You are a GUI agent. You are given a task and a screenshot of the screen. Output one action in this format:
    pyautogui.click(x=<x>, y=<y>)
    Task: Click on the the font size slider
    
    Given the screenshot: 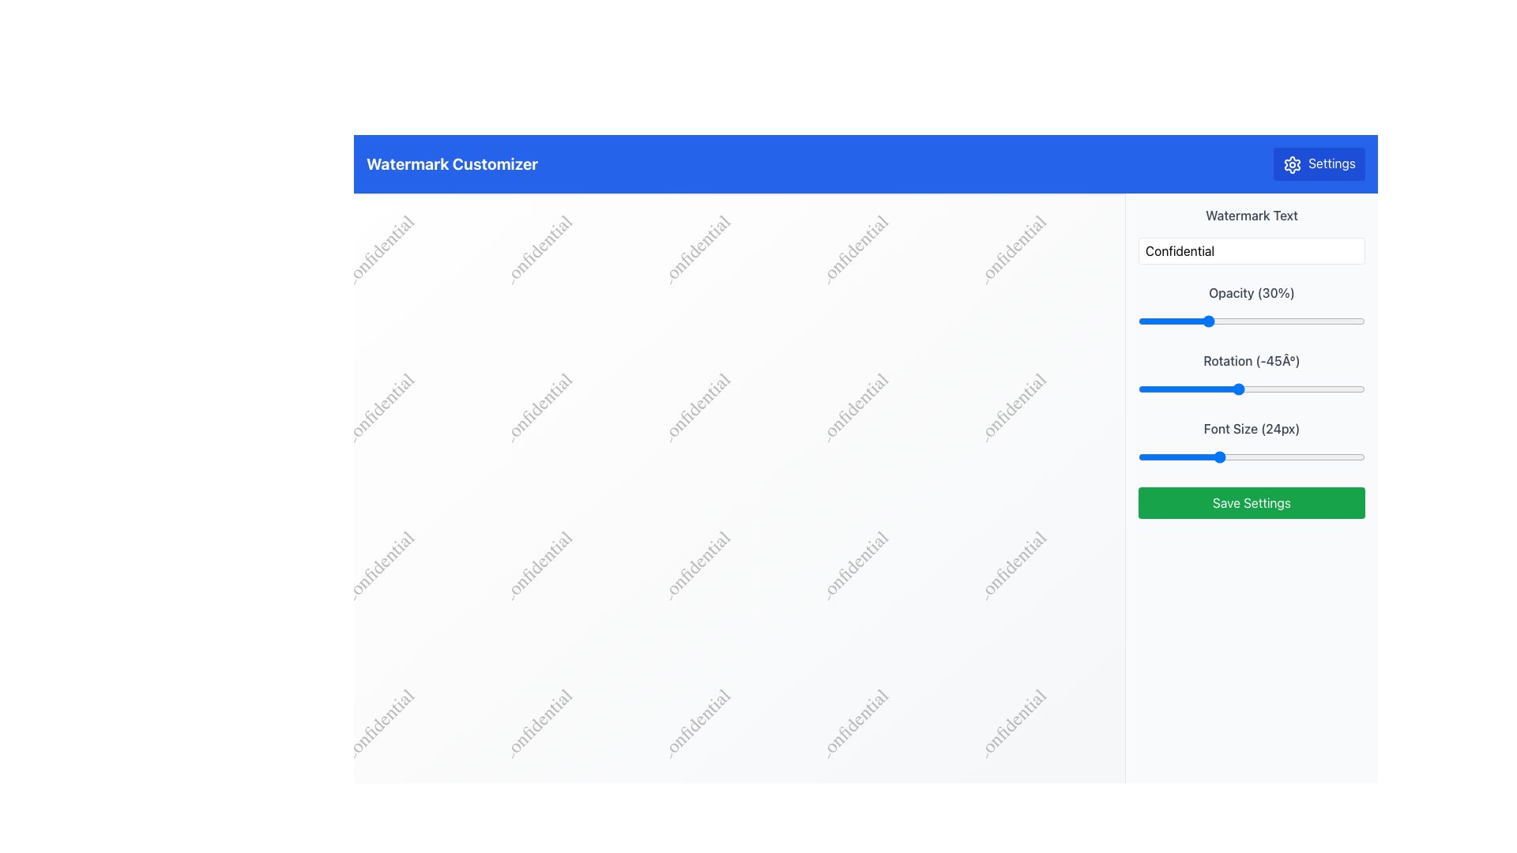 What is the action you would take?
    pyautogui.click(x=1336, y=457)
    